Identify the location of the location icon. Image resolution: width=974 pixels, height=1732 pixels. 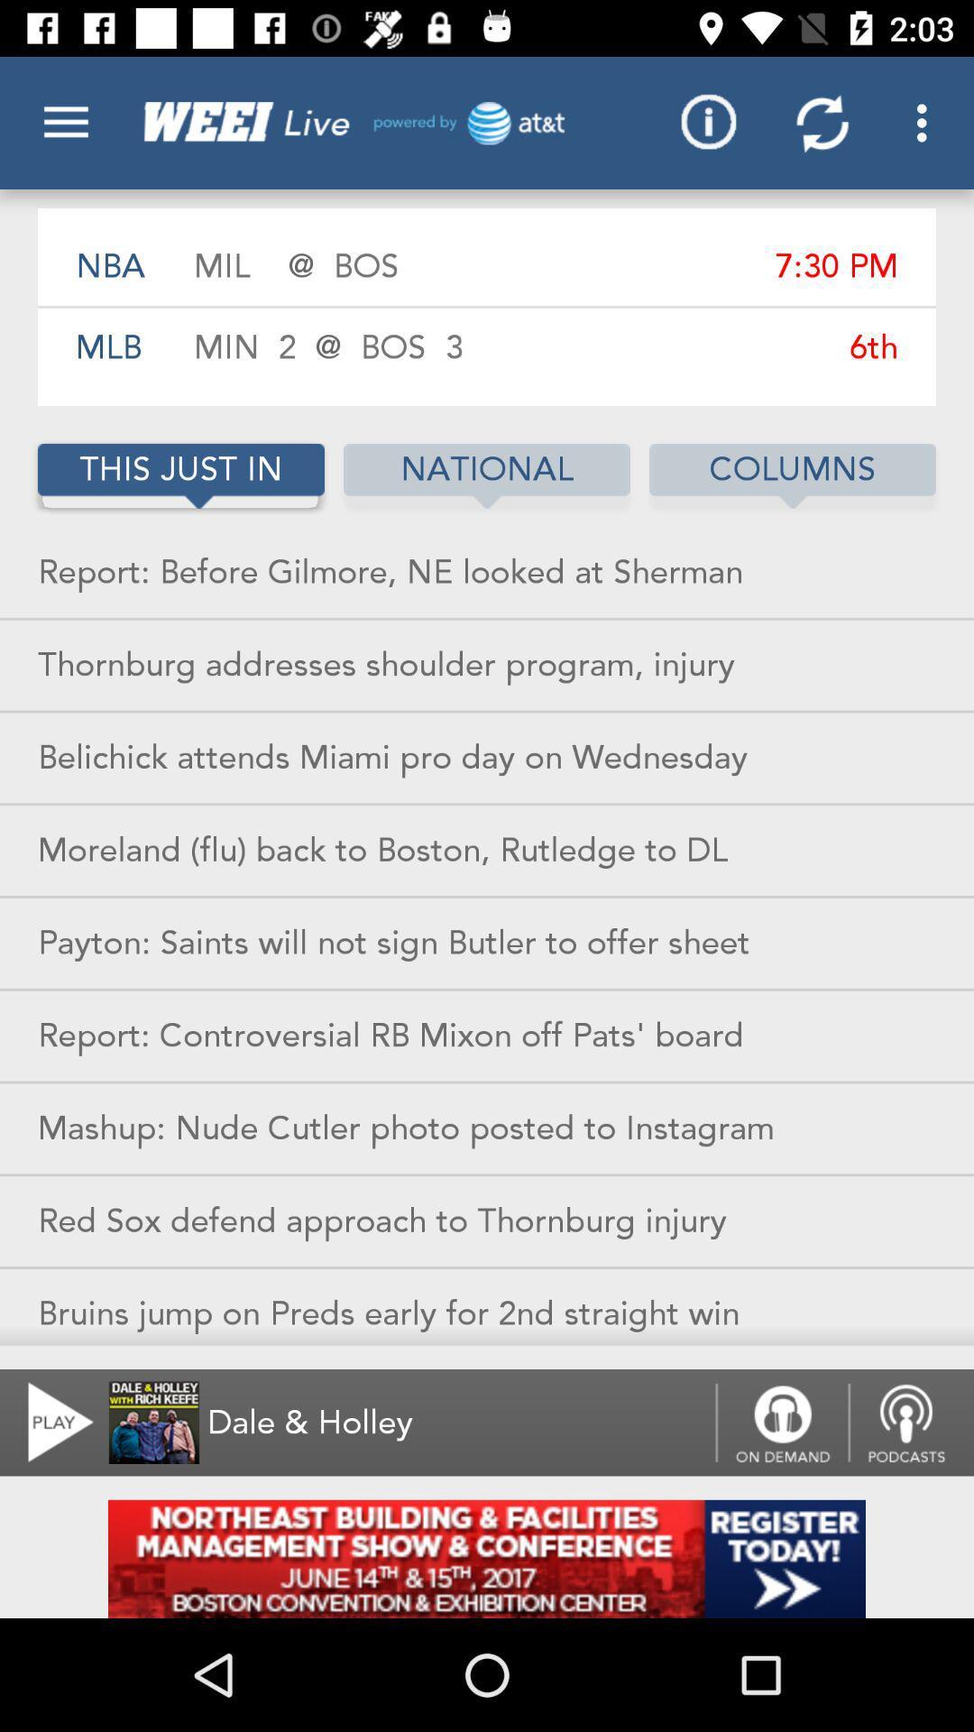
(911, 1422).